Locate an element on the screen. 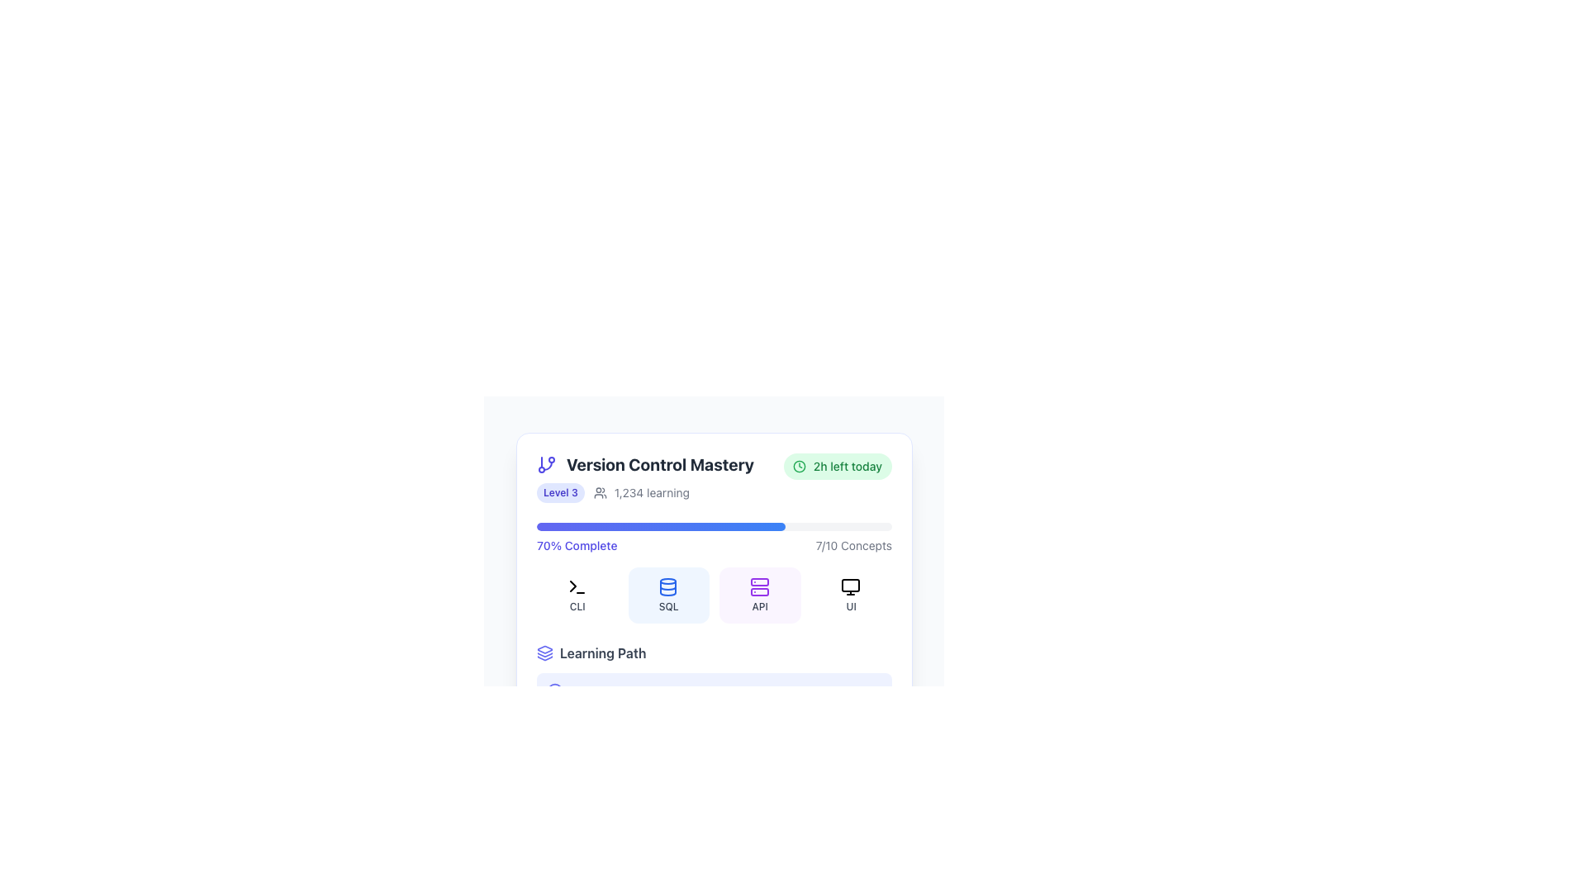  the blue database icon, which is the second icon from the left in a row of technical concept icons, located beneath the progress indicator of the 'Version Control Mastery' card is located at coordinates (668, 587).